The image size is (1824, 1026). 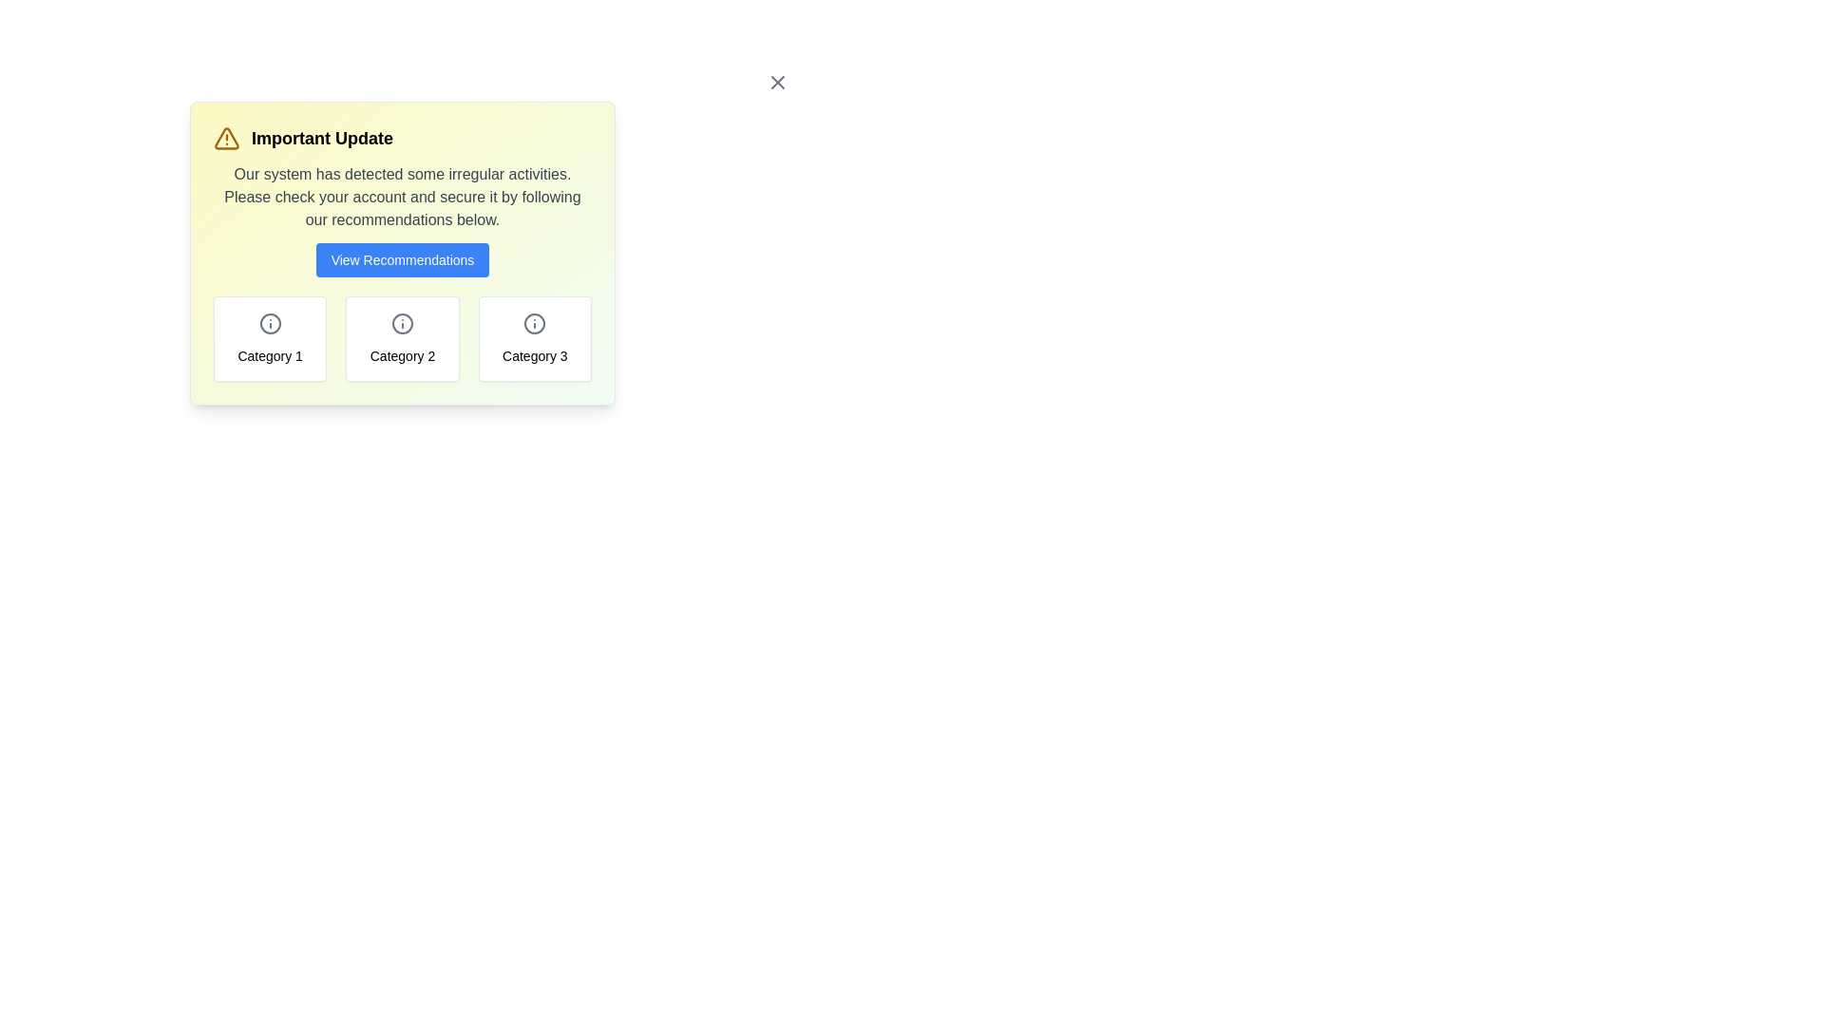 I want to click on the category box labeled Category 3, so click(x=533, y=338).